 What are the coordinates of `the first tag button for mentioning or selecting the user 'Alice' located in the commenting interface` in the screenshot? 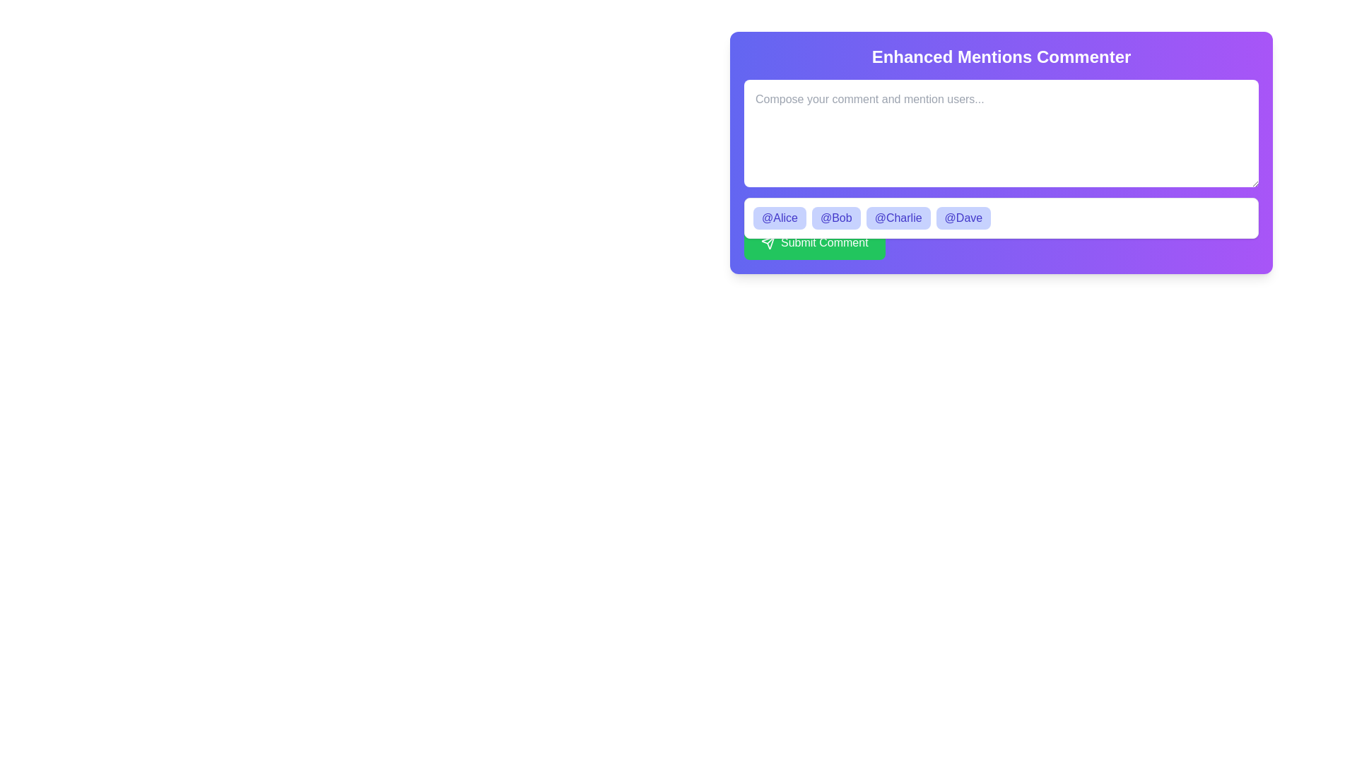 It's located at (779, 218).